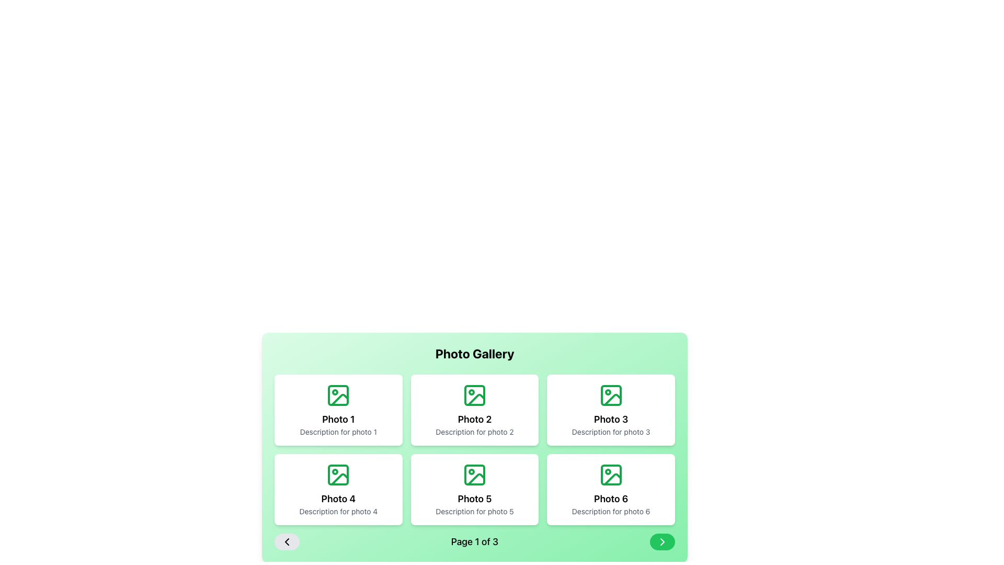 The width and height of the screenshot is (1004, 565). I want to click on the decorative graphical element of the 'Photo 5' card icon in the photo gallery, which is represented as the larger rectangle in the SVG image, so click(474, 474).